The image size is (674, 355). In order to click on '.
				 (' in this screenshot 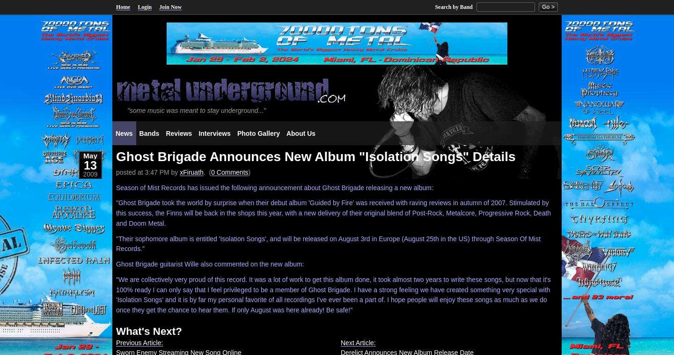, I will do `click(207, 172)`.